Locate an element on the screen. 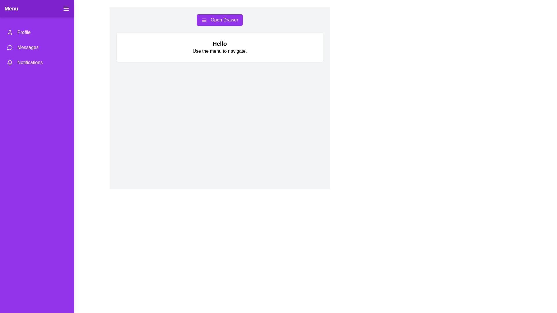 This screenshot has width=557, height=313. the static text element that provides navigation instructions, located directly below the heading 'Hello' is located at coordinates (219, 51).